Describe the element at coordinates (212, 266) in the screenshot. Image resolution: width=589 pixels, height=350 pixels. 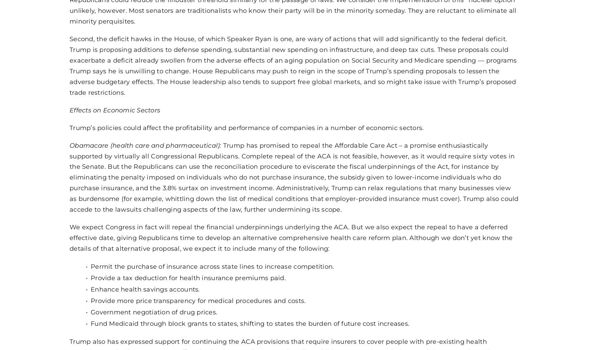
I see `'Permit the purchase of insurance across state lines to increase competition.'` at that location.